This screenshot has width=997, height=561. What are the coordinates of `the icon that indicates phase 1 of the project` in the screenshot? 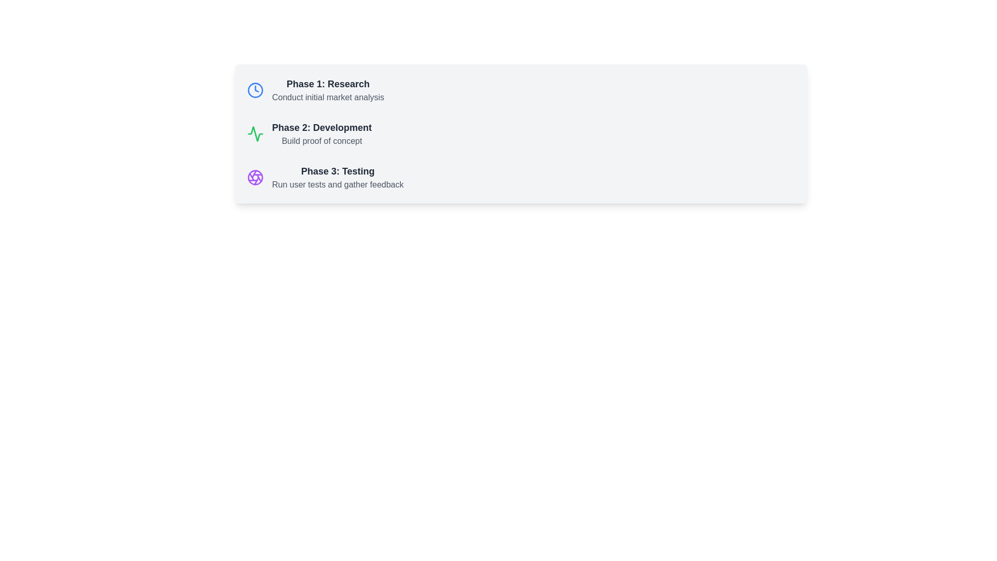 It's located at (255, 89).